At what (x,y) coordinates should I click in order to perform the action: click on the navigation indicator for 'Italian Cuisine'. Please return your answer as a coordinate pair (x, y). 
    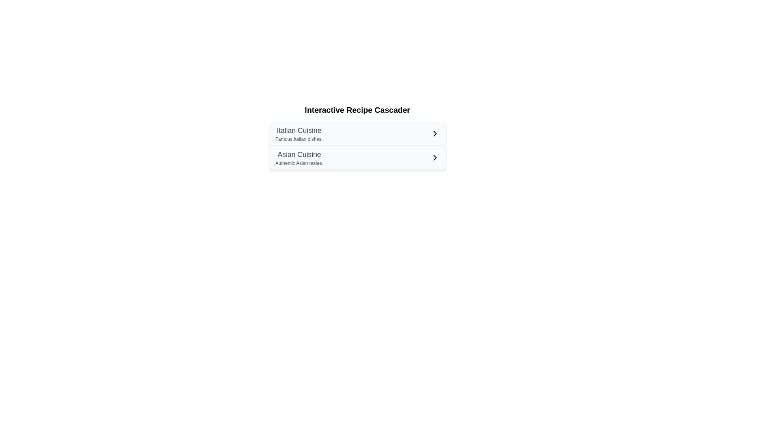
    Looking at the image, I should click on (434, 133).